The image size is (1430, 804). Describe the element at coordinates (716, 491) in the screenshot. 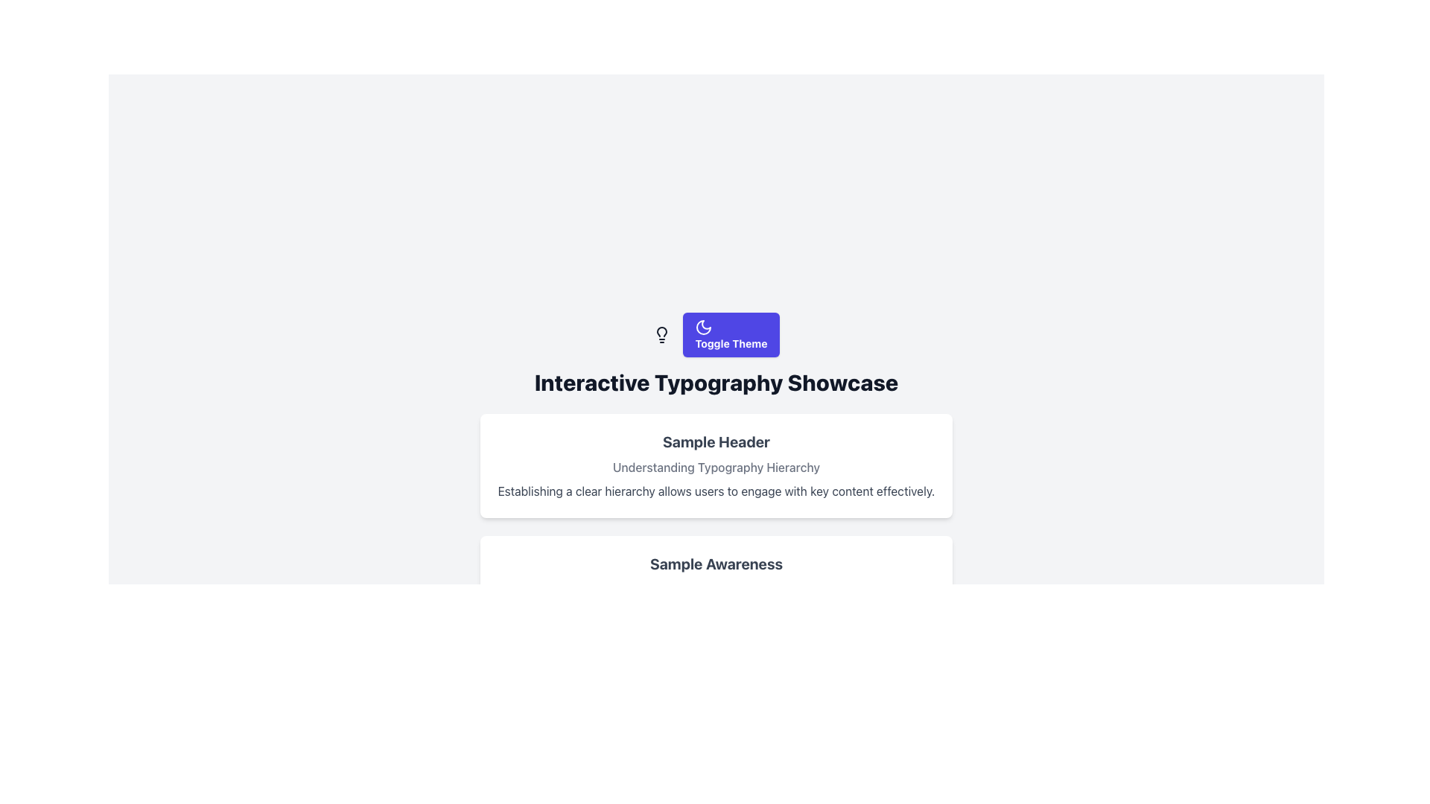

I see `descriptive text label located at the bottom of the card section titled 'Sample Header' and subtitled 'Understanding Typography Hierarchy'` at that location.